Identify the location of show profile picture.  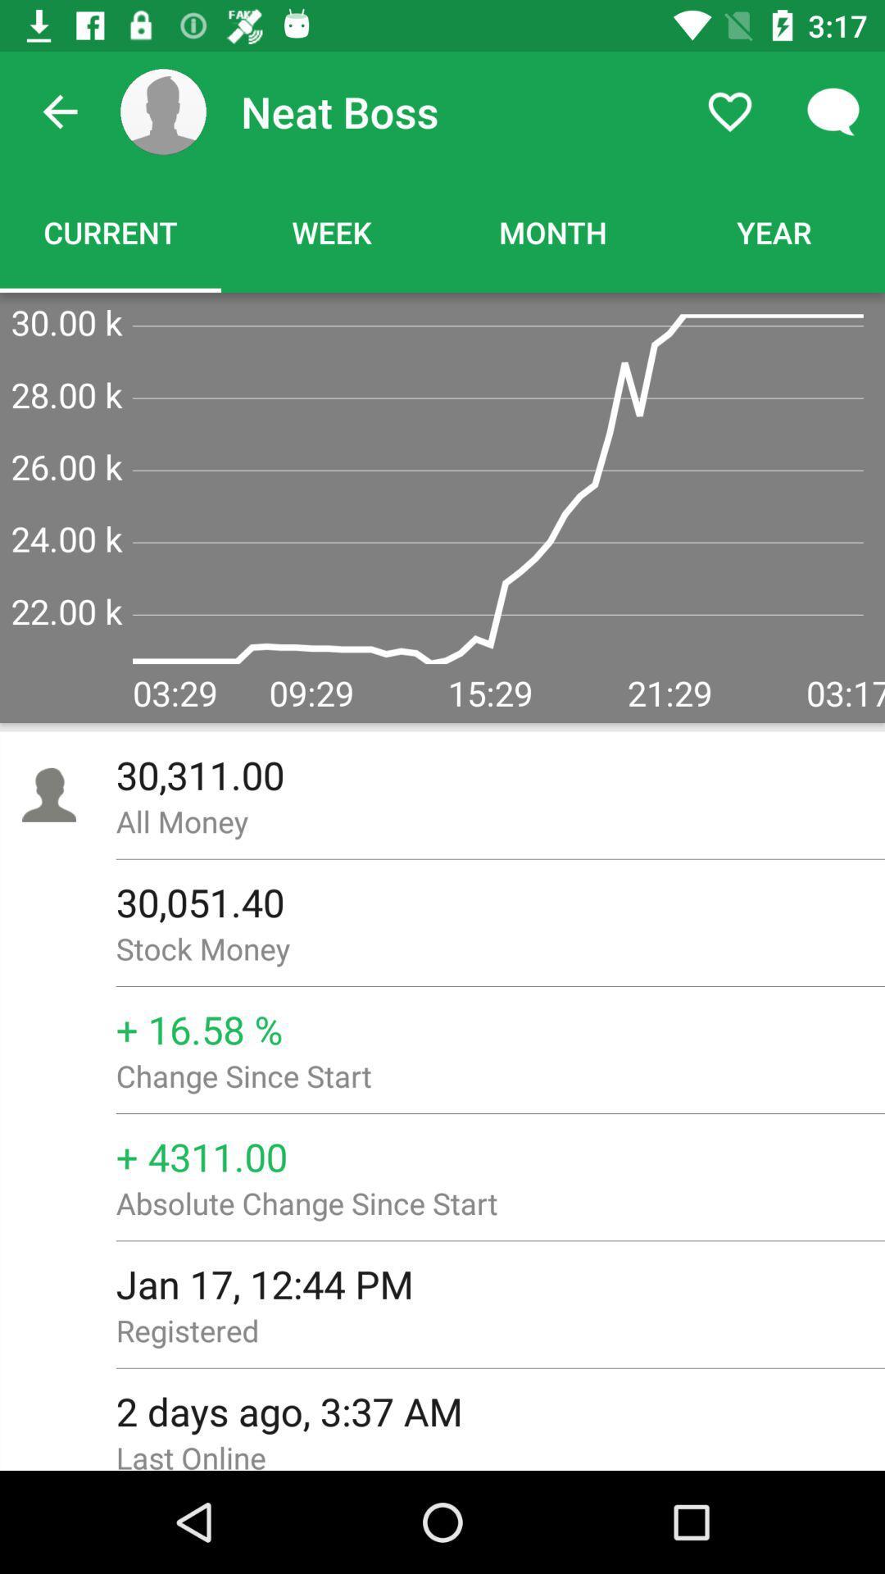
(163, 111).